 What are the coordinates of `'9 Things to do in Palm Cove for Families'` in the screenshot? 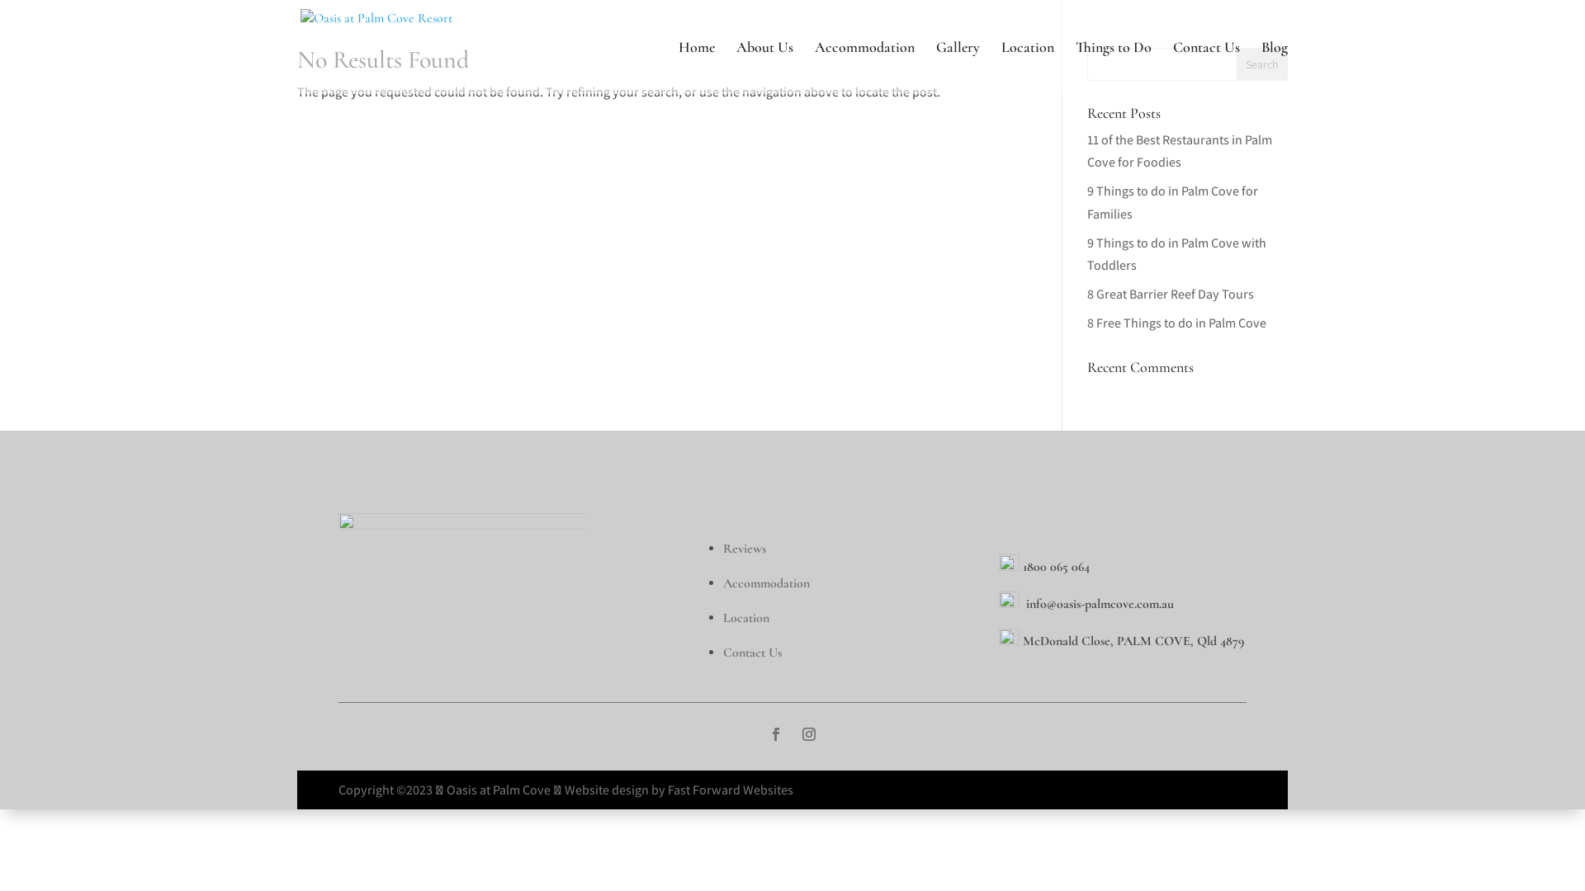 It's located at (1171, 201).